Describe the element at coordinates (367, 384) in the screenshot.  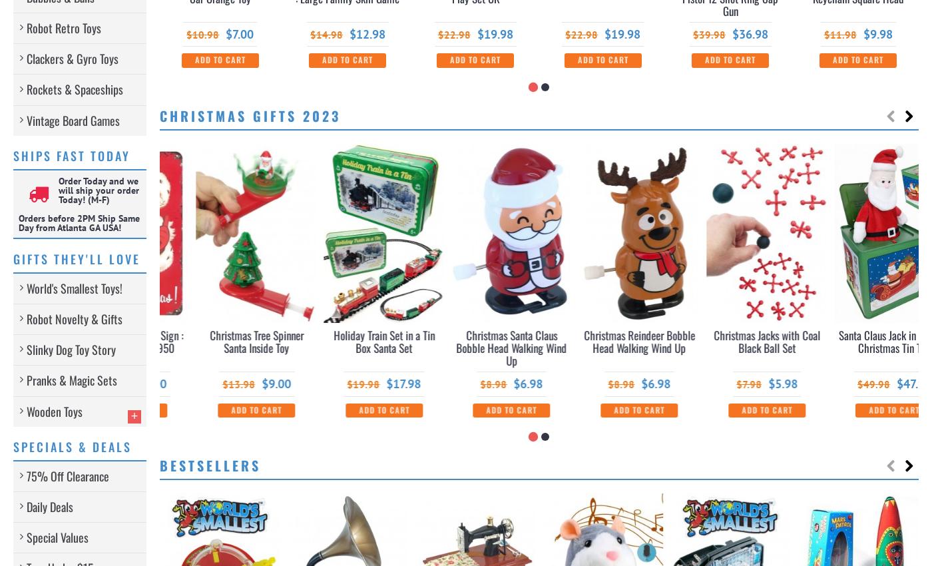
I see `'$11.00'` at that location.